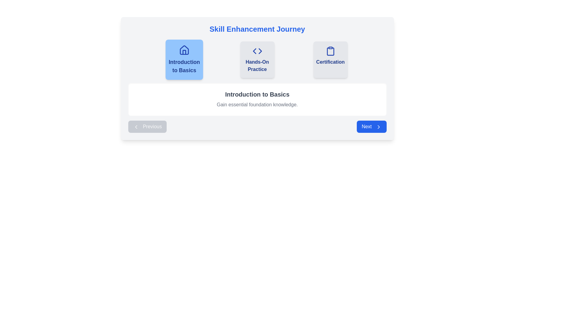 This screenshot has height=329, width=585. What do you see at coordinates (257, 66) in the screenshot?
I see `the text label reading 'Hands-On Practice'` at bounding box center [257, 66].